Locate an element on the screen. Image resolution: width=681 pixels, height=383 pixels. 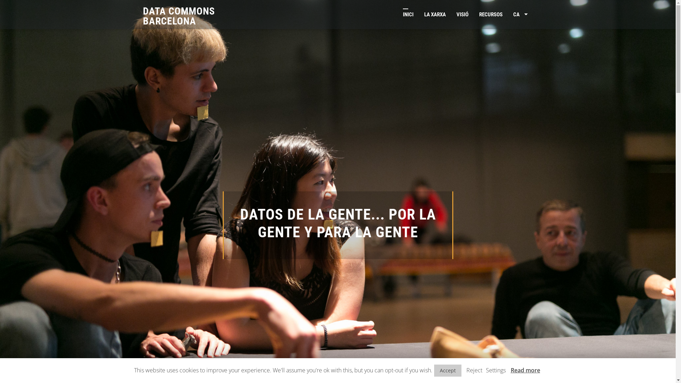
'RECURSOS' is located at coordinates (490, 15).